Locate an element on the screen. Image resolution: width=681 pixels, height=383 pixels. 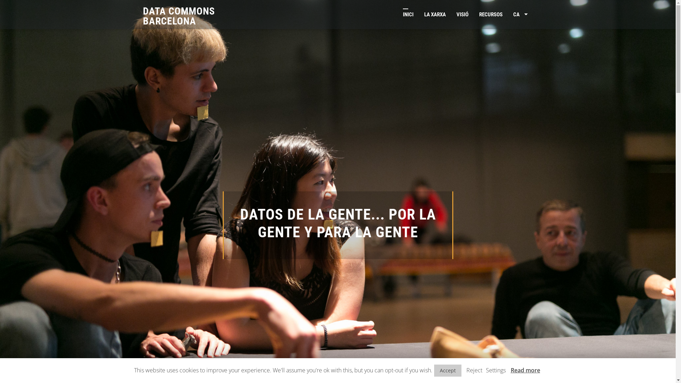
'RECURSOS' is located at coordinates (490, 15).